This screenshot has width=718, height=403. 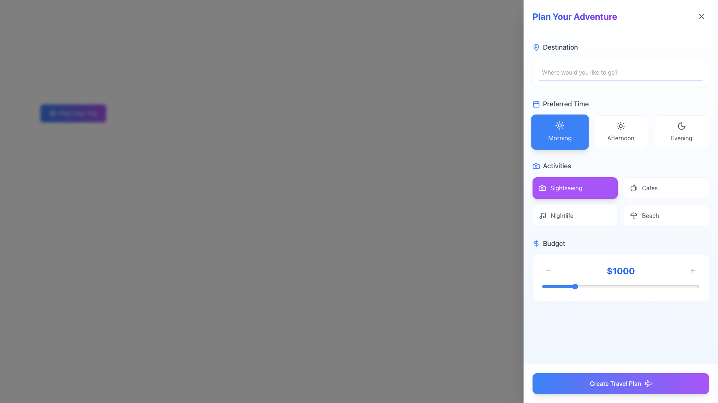 I want to click on the budget value, so click(x=591, y=286).